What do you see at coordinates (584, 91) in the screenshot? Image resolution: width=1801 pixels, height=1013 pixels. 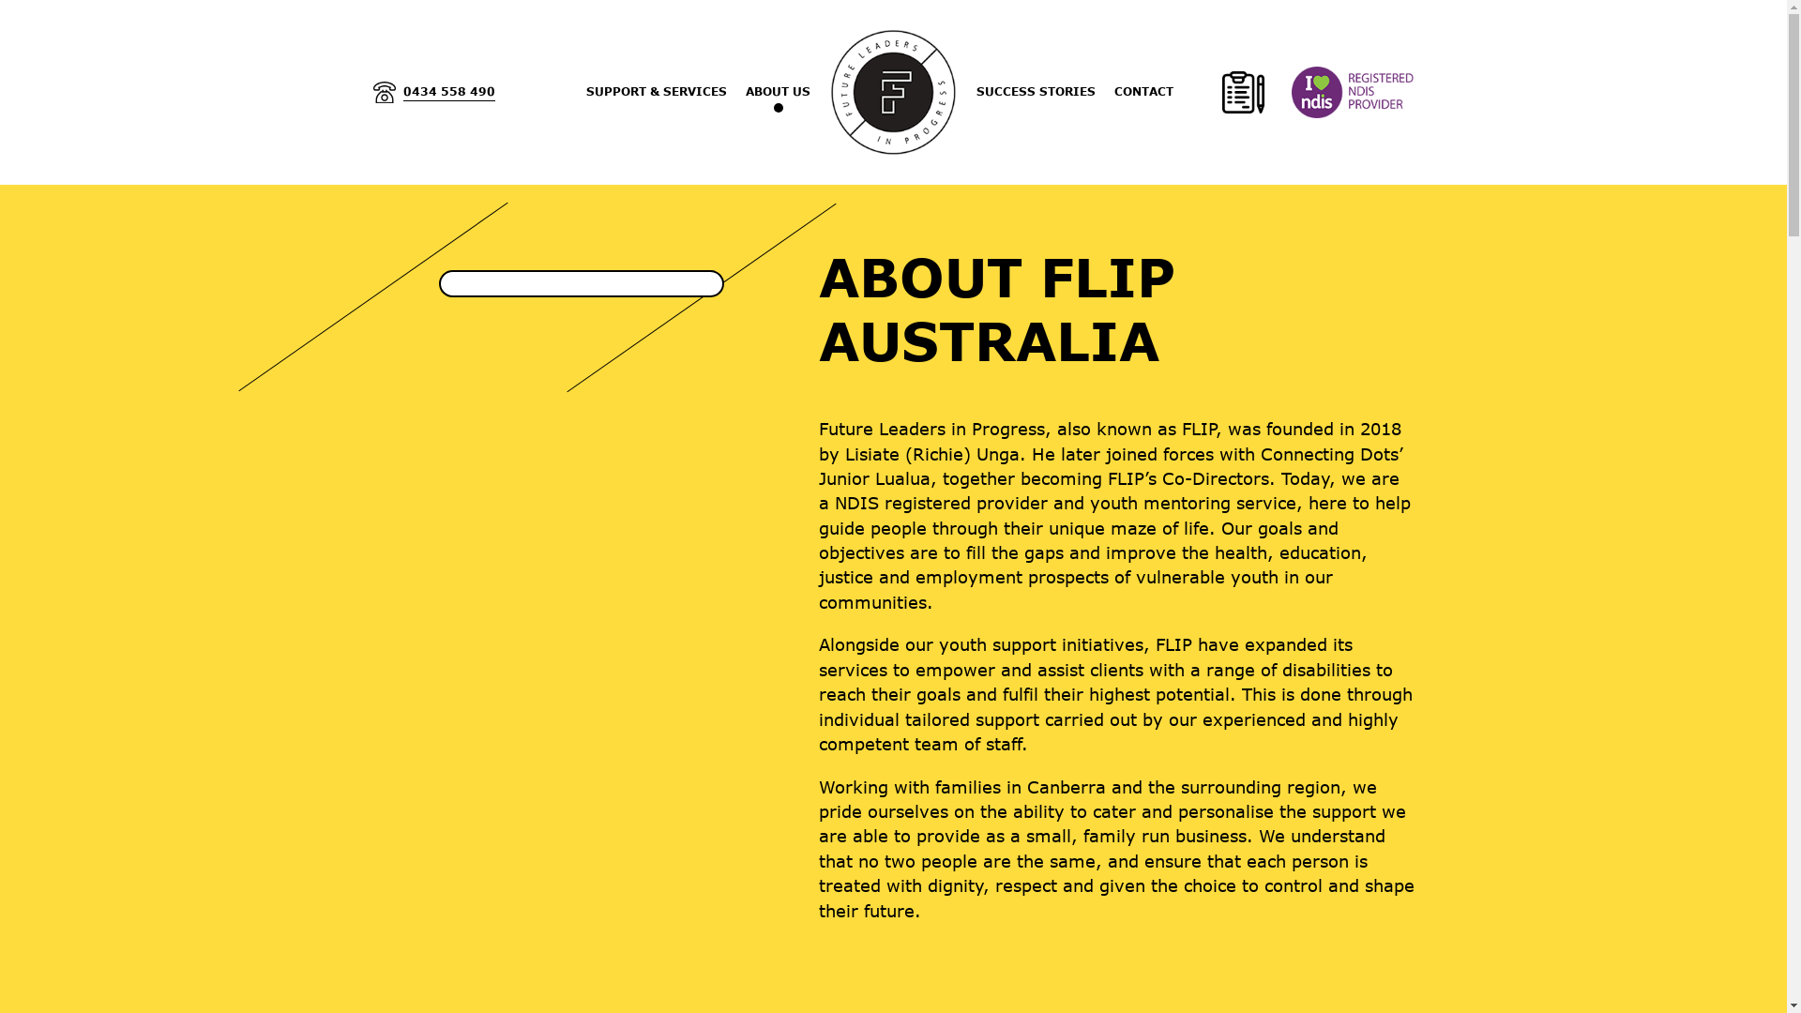 I see `'SUPPORT & SERVICES'` at bounding box center [584, 91].